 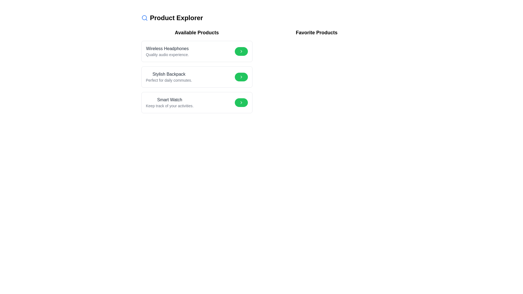 What do you see at coordinates (167, 48) in the screenshot?
I see `the text label identifying the product titled 'Wireless Headphones', which is the first product listed under the 'Available Products' heading` at bounding box center [167, 48].